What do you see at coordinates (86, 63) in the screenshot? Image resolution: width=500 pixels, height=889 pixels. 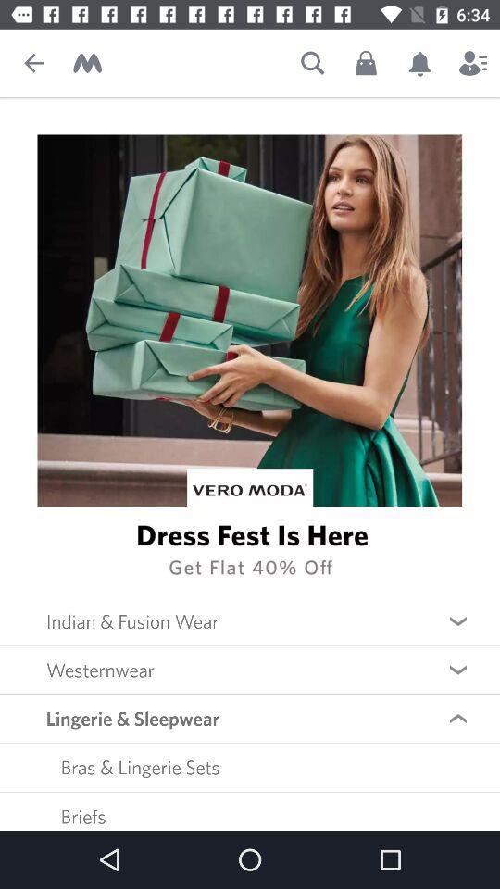 I see `home screen` at bounding box center [86, 63].